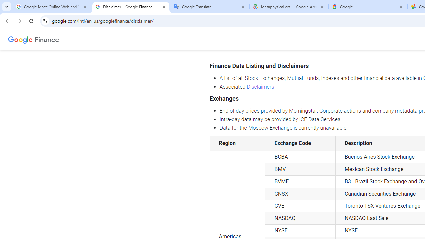 This screenshot has height=239, width=425. What do you see at coordinates (368, 7) in the screenshot?
I see `'Google'` at bounding box center [368, 7].